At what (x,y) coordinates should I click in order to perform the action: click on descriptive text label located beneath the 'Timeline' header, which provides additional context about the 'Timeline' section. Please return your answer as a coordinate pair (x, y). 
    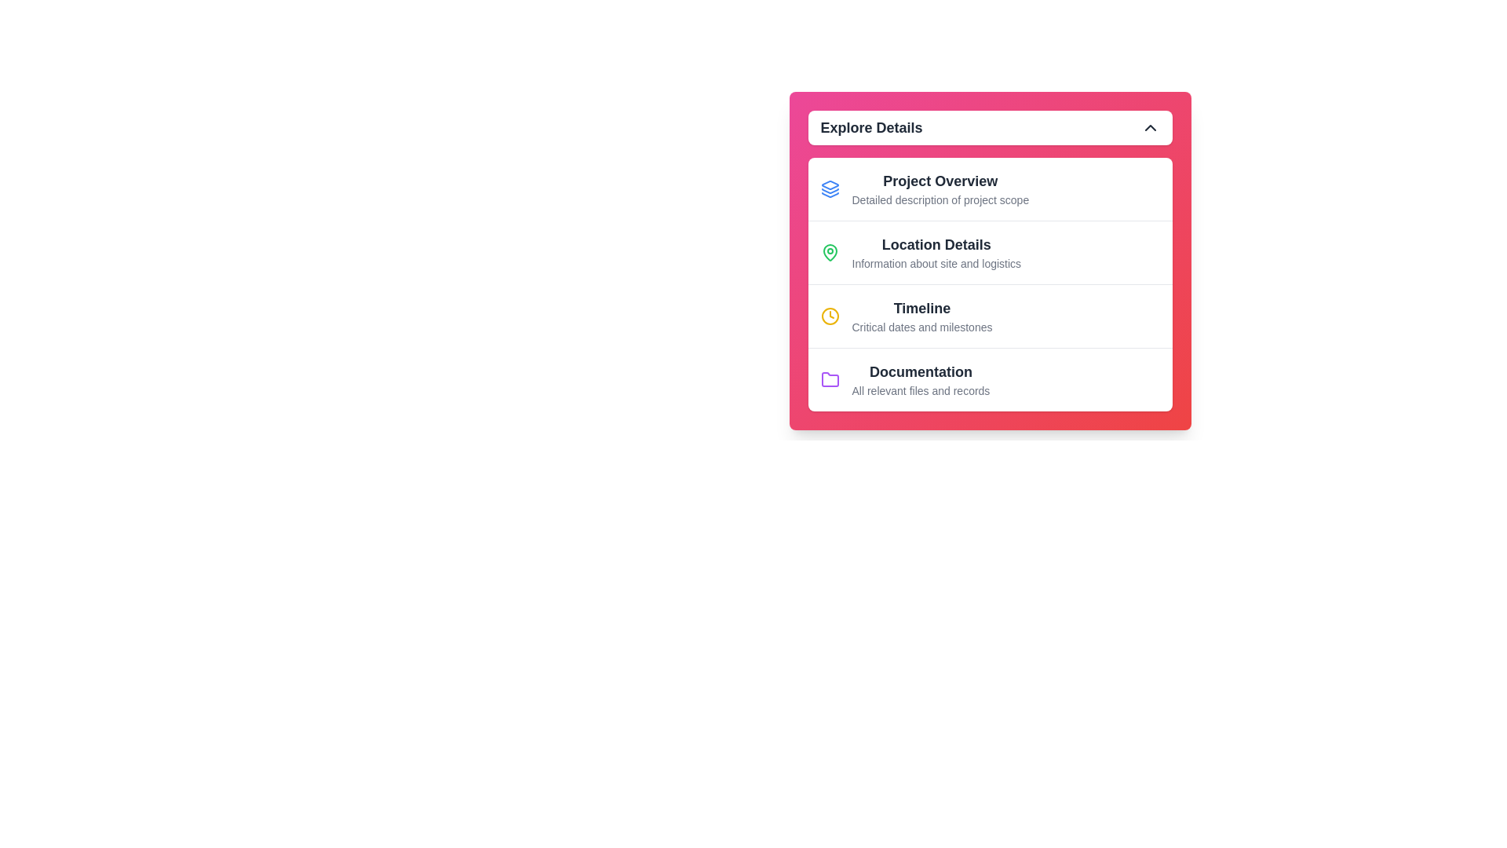
    Looking at the image, I should click on (922, 326).